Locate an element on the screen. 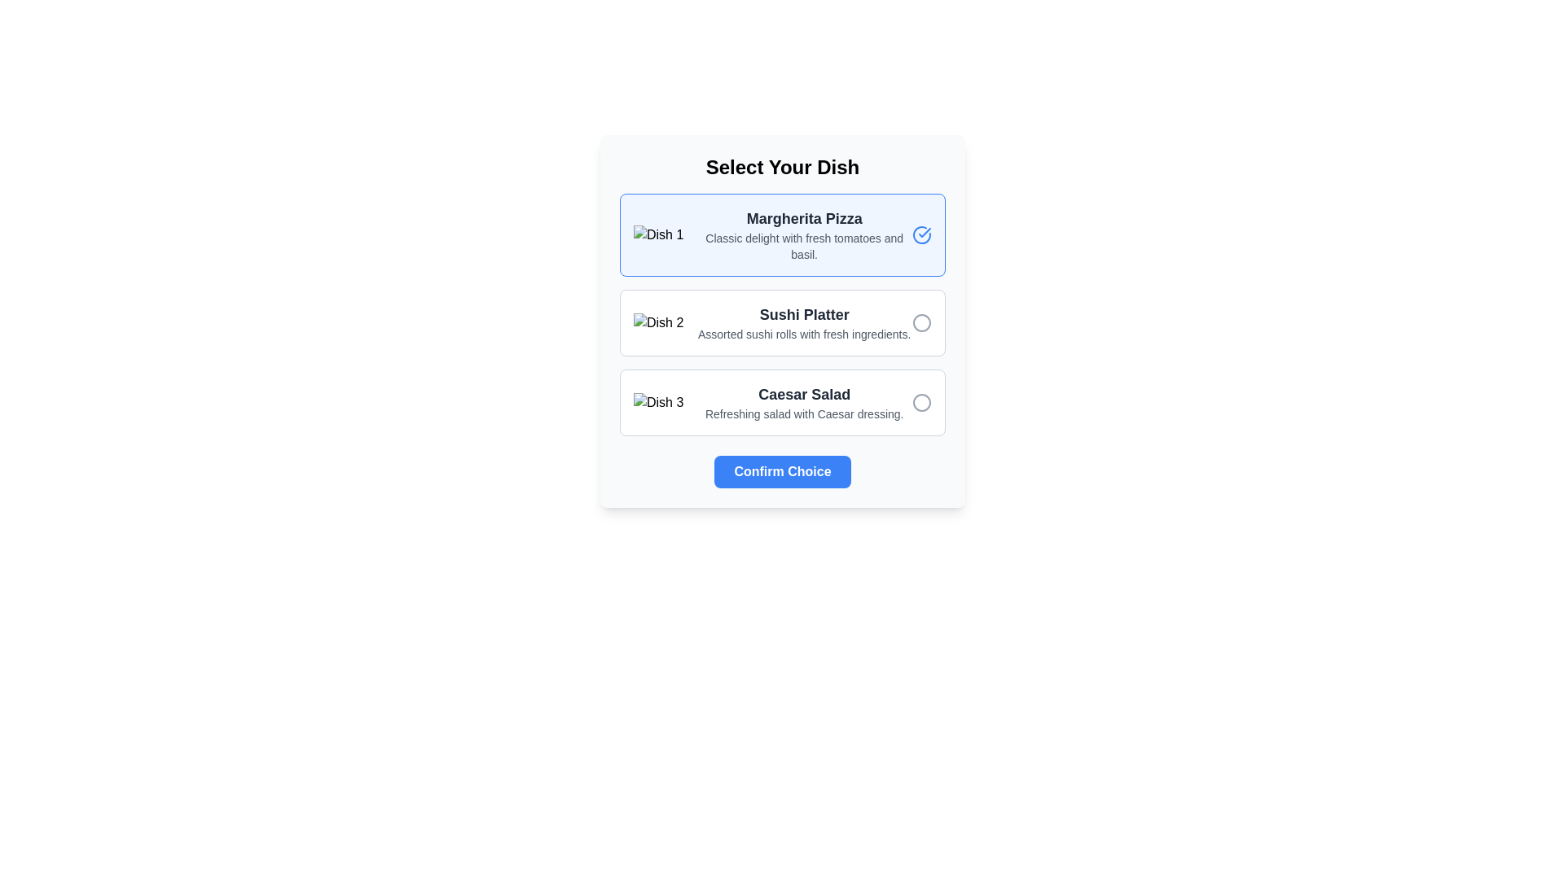 The image size is (1564, 879). description text label that says 'Refreshing salad with Caesar dressing.' located beneath the 'Caesar Salad' option in the dish selection list is located at coordinates (804, 413).